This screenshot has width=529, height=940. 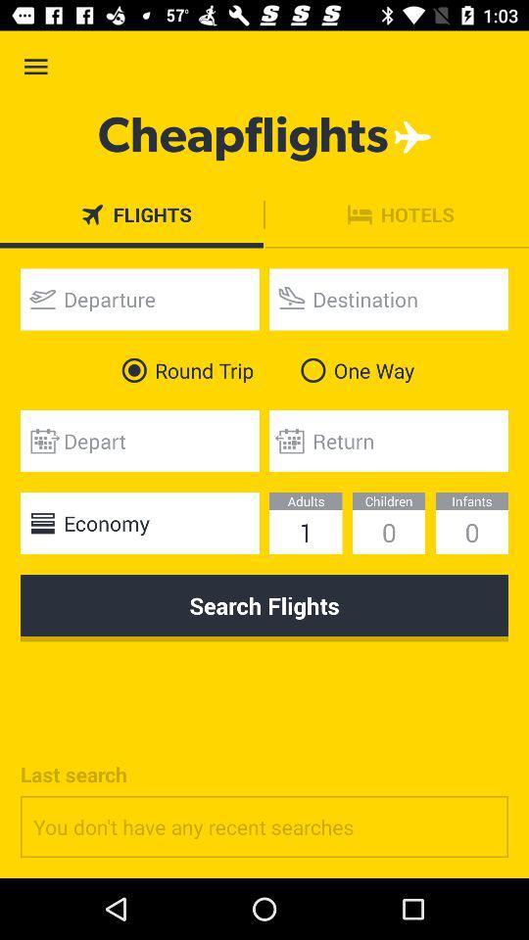 I want to click on input return date, so click(x=389, y=441).